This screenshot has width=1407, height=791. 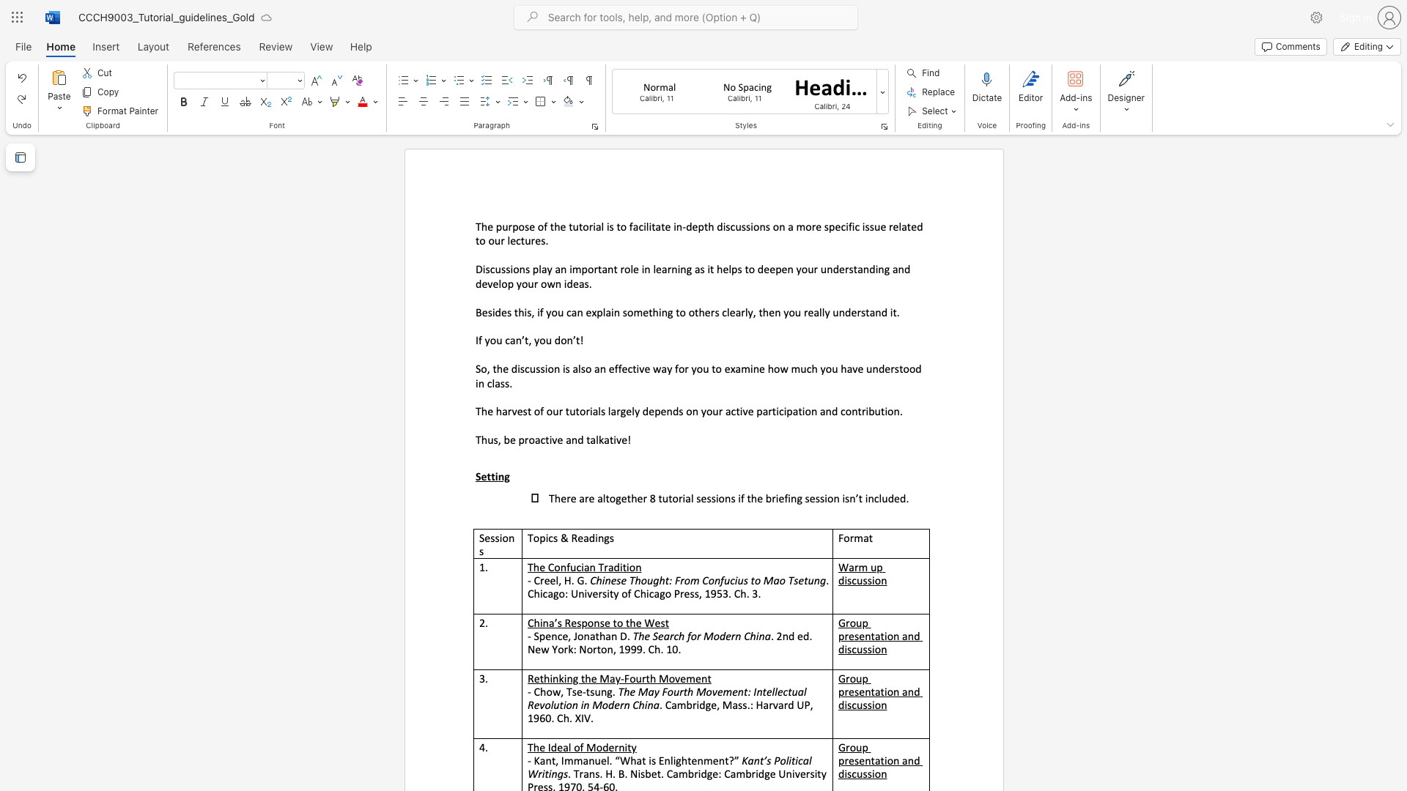 I want to click on the subset text "s Respons" within the text "China’s Response to the West", so click(x=556, y=623).